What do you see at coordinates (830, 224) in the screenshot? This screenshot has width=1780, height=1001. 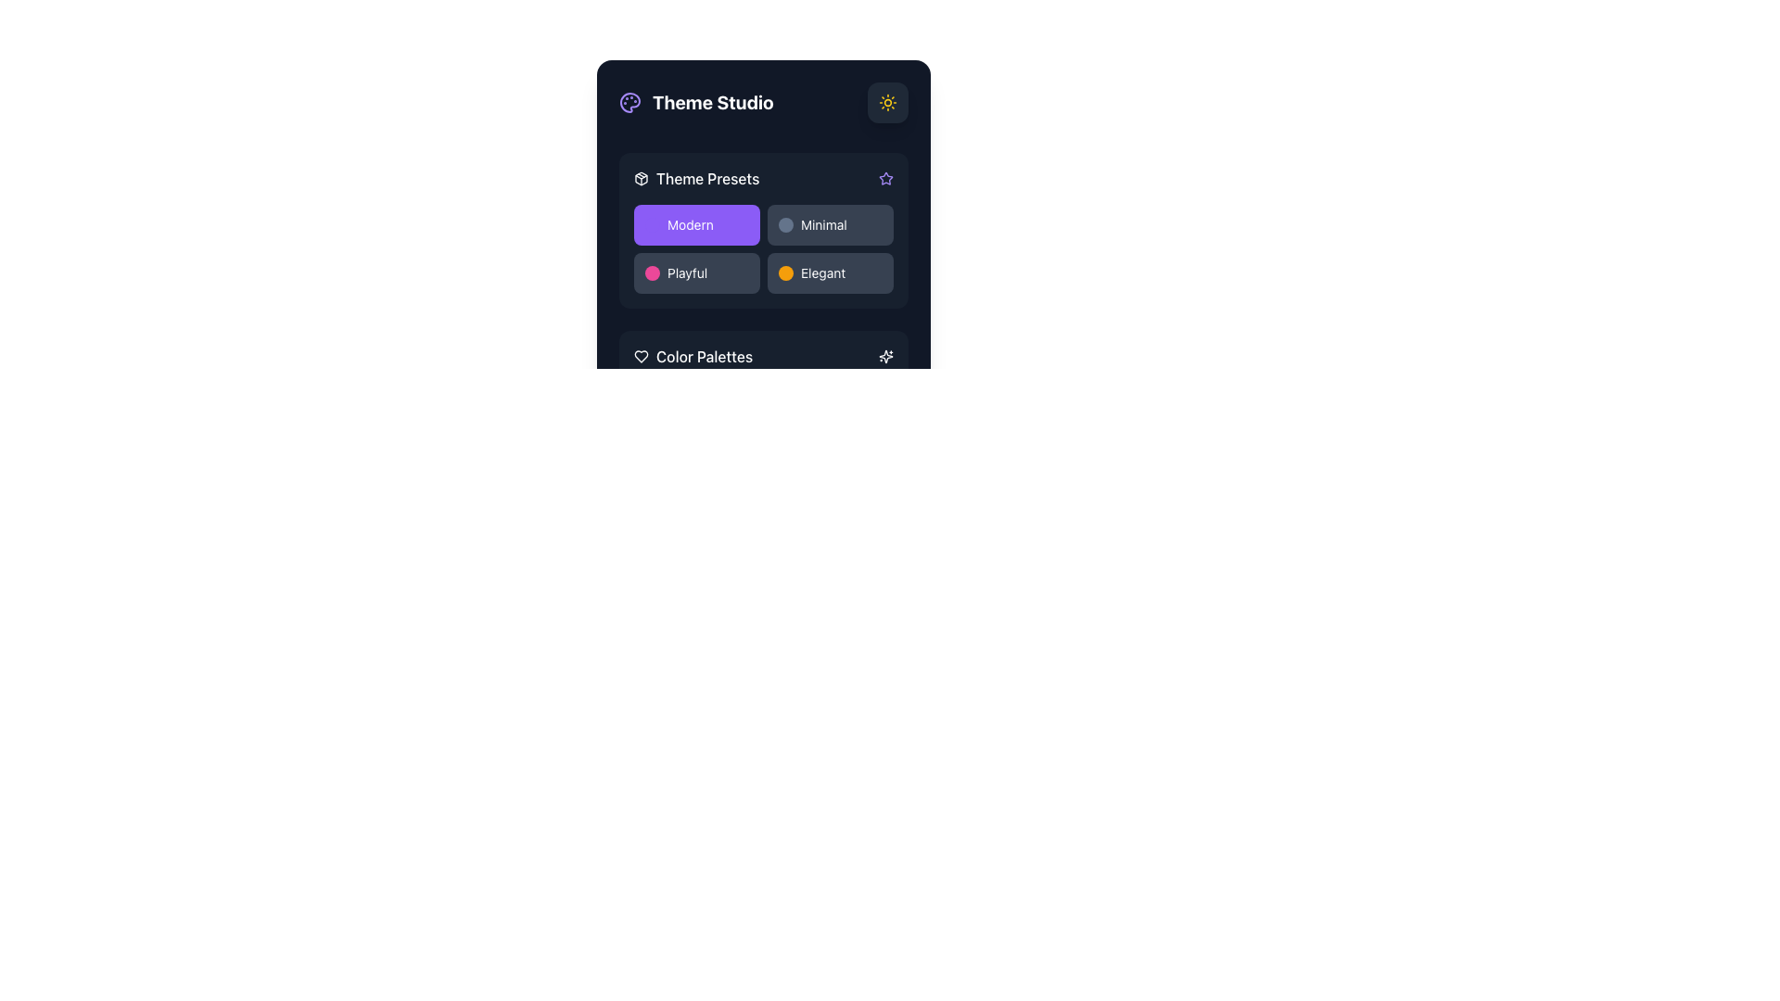 I see `the button in the 'Theme Presets' section` at bounding box center [830, 224].